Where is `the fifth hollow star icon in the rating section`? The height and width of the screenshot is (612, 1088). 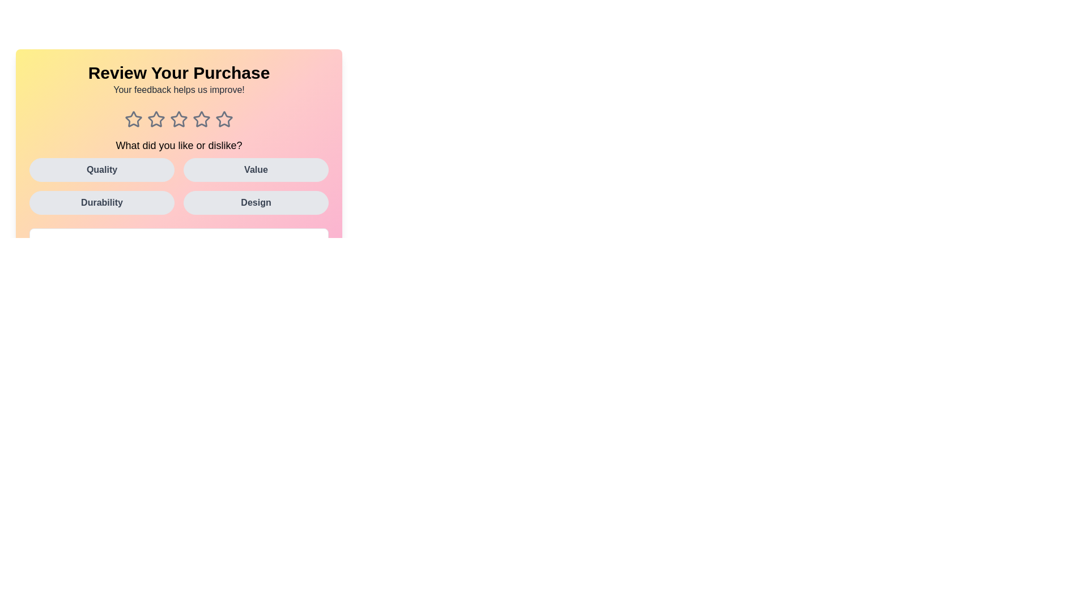 the fifth hollow star icon in the rating section is located at coordinates (224, 120).